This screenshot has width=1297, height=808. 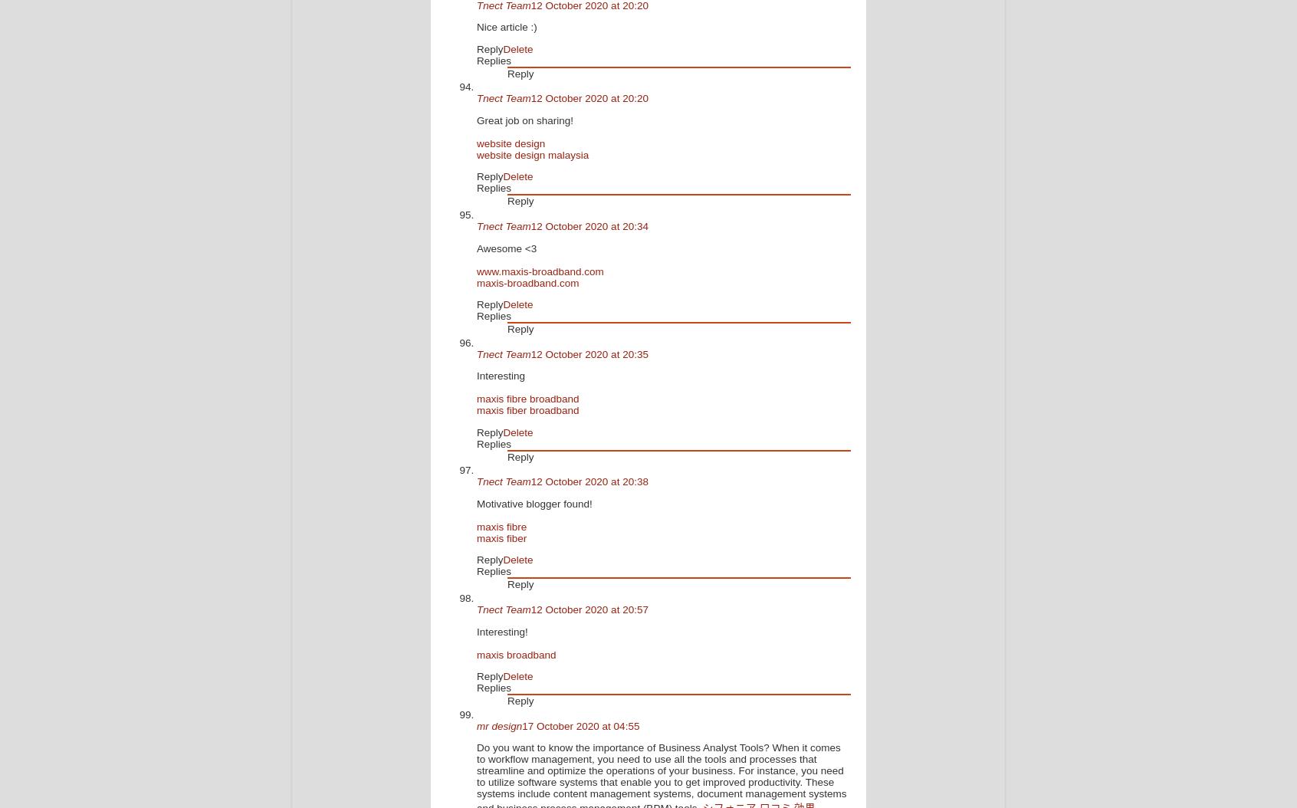 What do you see at coordinates (527, 398) in the screenshot?
I see `'maxis fibre broadband'` at bounding box center [527, 398].